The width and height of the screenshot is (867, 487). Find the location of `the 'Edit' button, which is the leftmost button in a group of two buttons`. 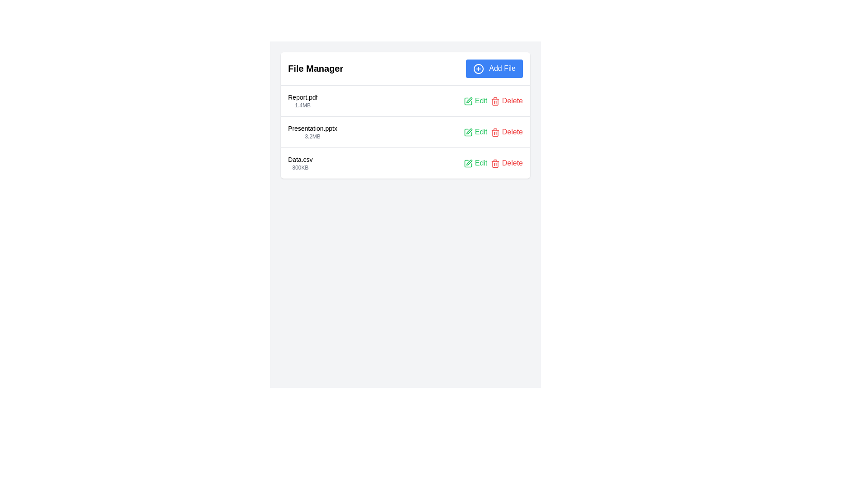

the 'Edit' button, which is the leftmost button in a group of two buttons is located at coordinates (468, 101).